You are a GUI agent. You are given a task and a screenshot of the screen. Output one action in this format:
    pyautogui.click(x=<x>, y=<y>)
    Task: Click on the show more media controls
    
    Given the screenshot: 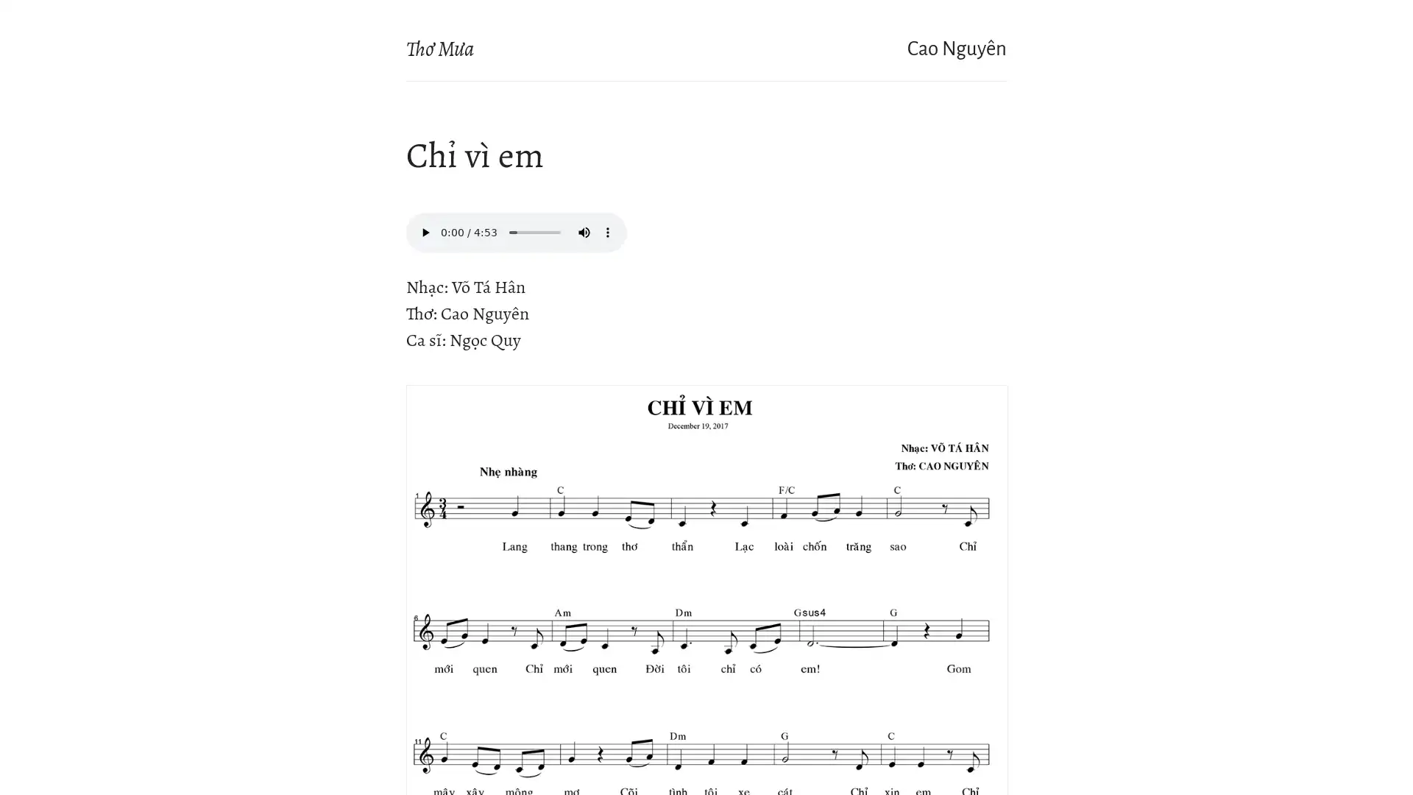 What is the action you would take?
    pyautogui.click(x=607, y=232)
    